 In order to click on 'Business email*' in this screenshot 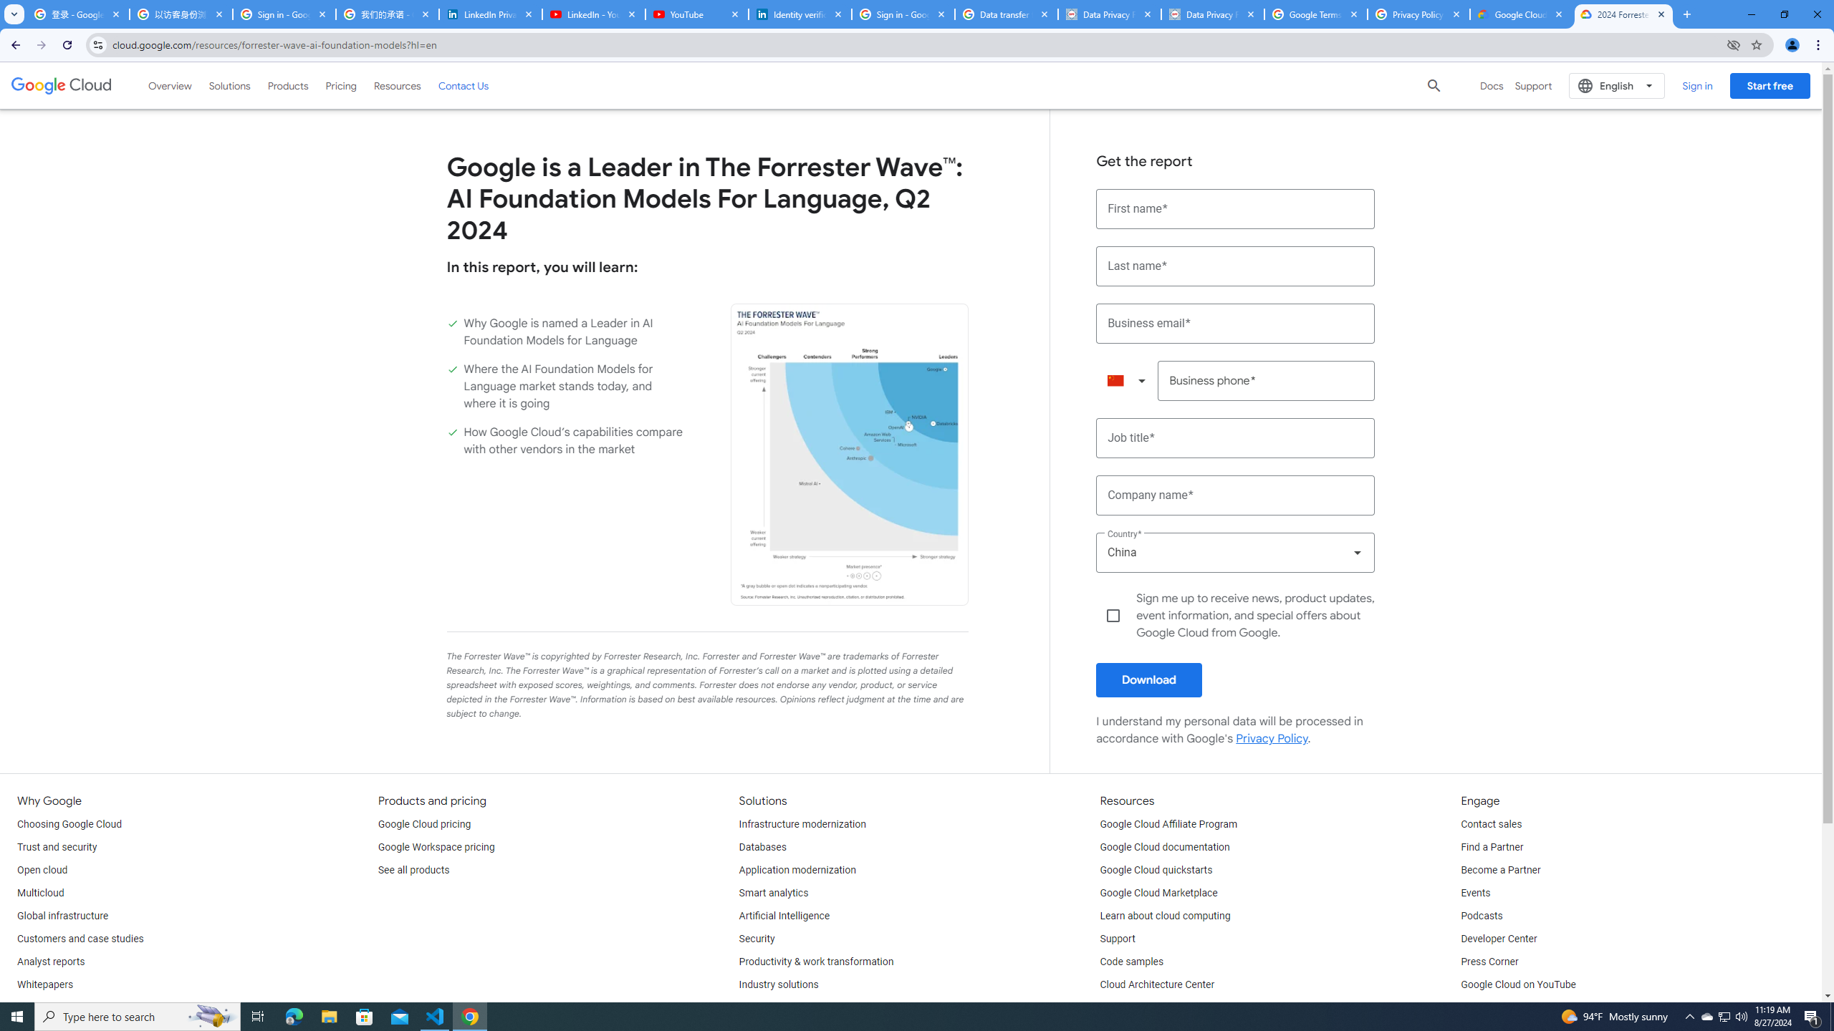, I will do `click(1235, 323)`.